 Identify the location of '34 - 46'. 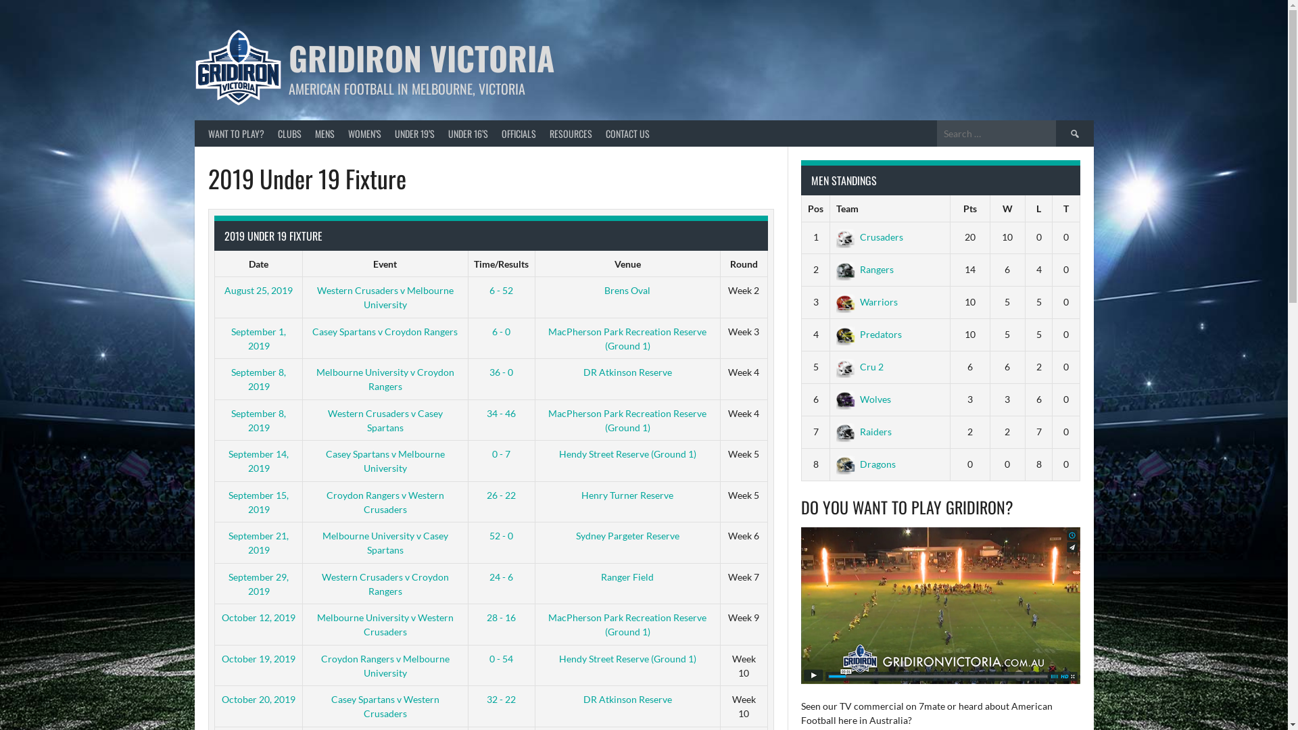
(500, 412).